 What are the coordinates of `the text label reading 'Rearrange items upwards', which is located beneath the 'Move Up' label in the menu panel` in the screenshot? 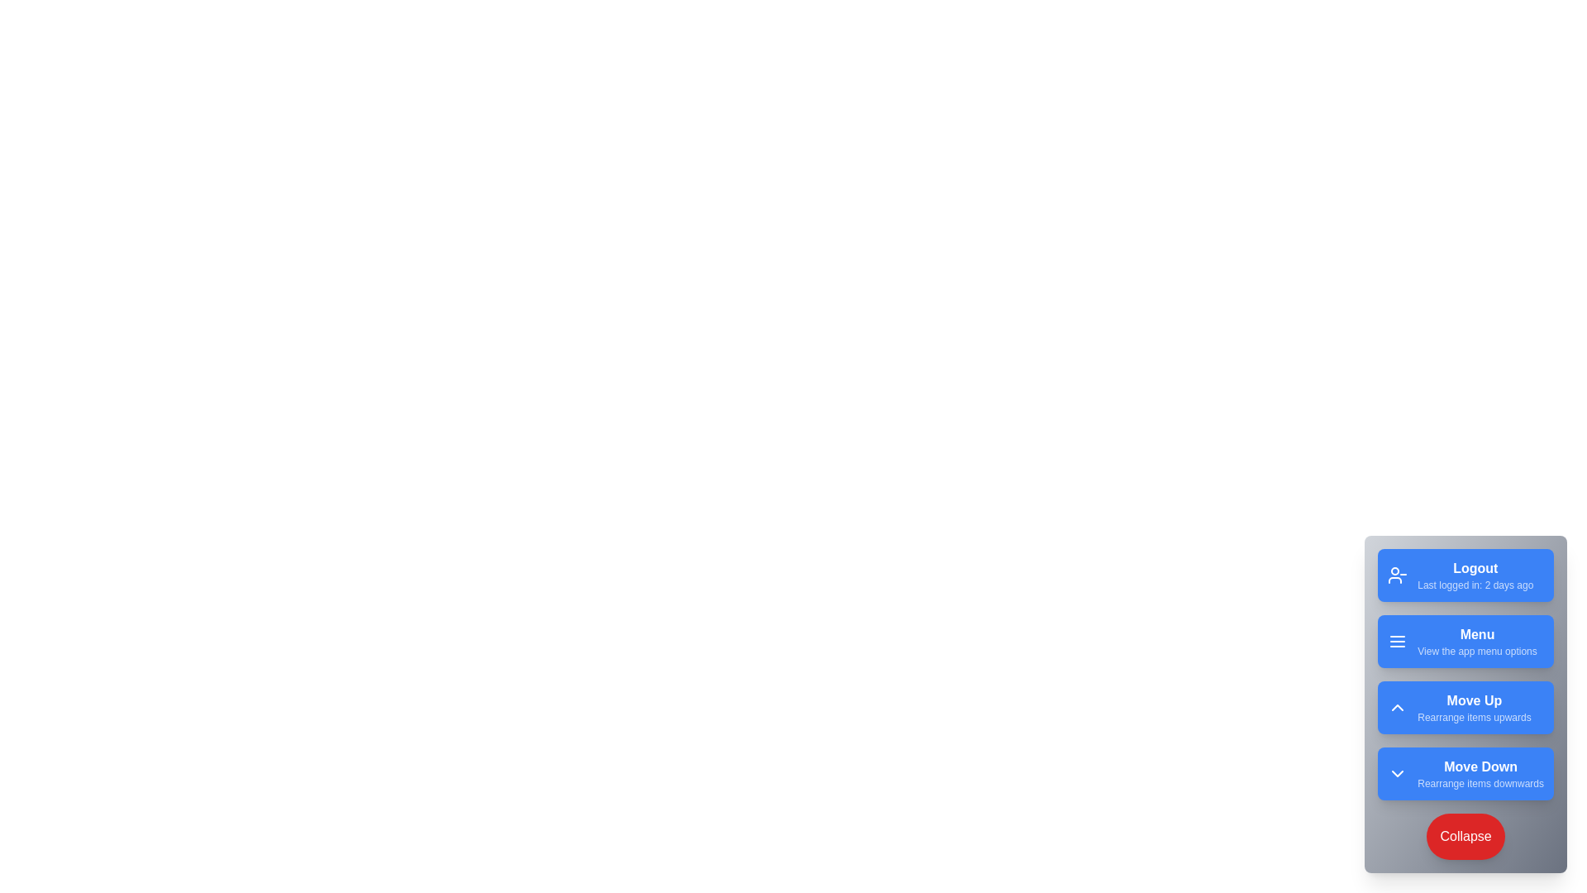 It's located at (1474, 716).